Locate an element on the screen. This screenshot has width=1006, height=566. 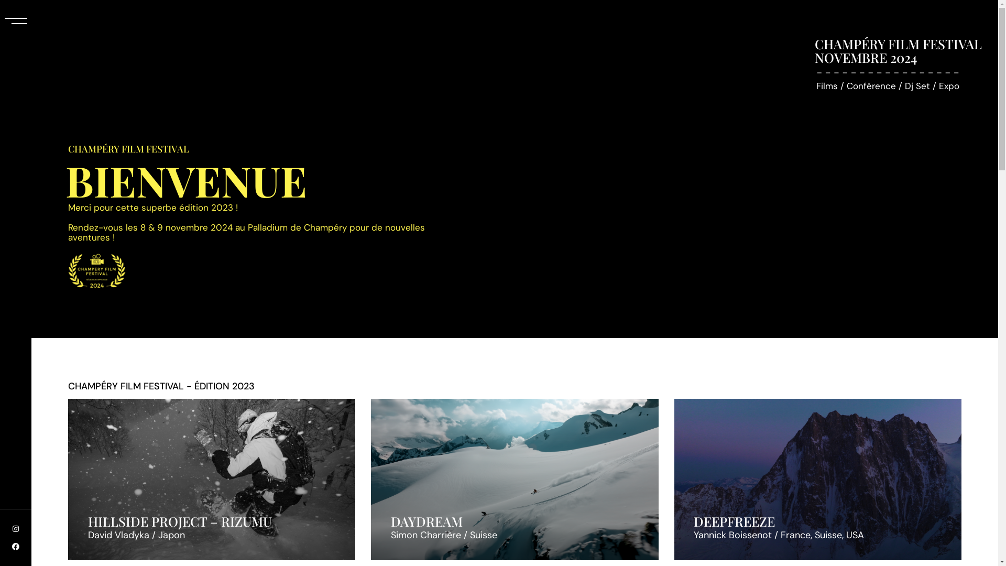
'France' is located at coordinates (795, 536).